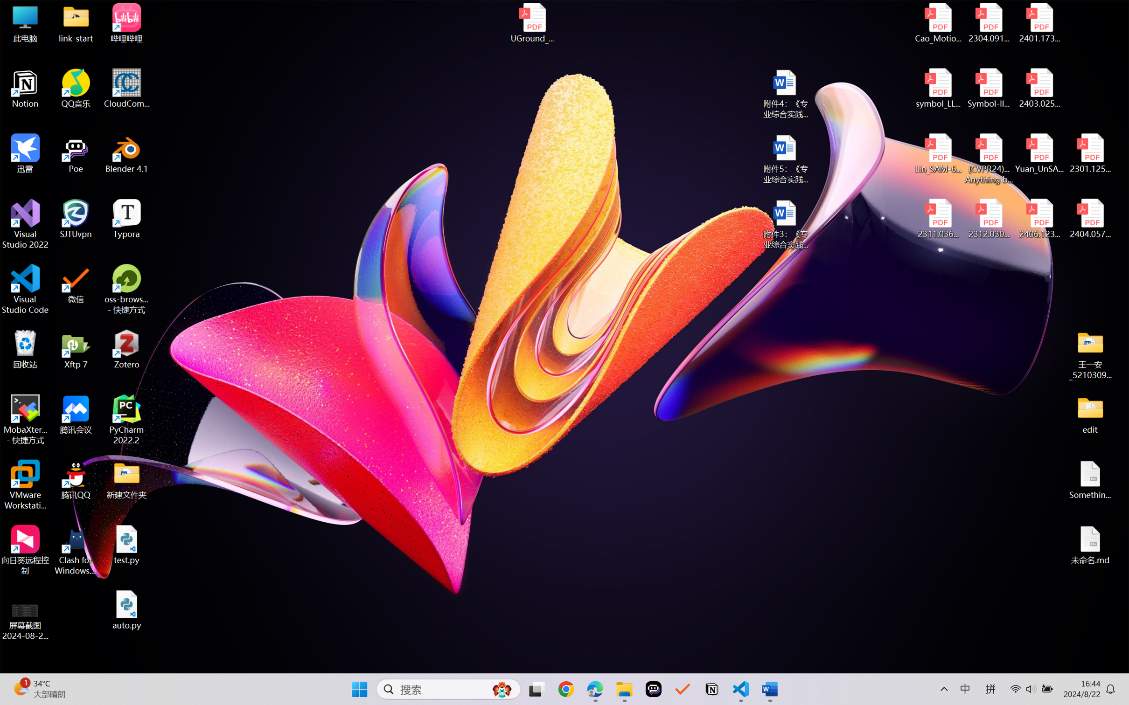 The image size is (1129, 705). I want to click on '(CVPR24)Matching Anything by Segmenting Anything.pdf', so click(988, 159).